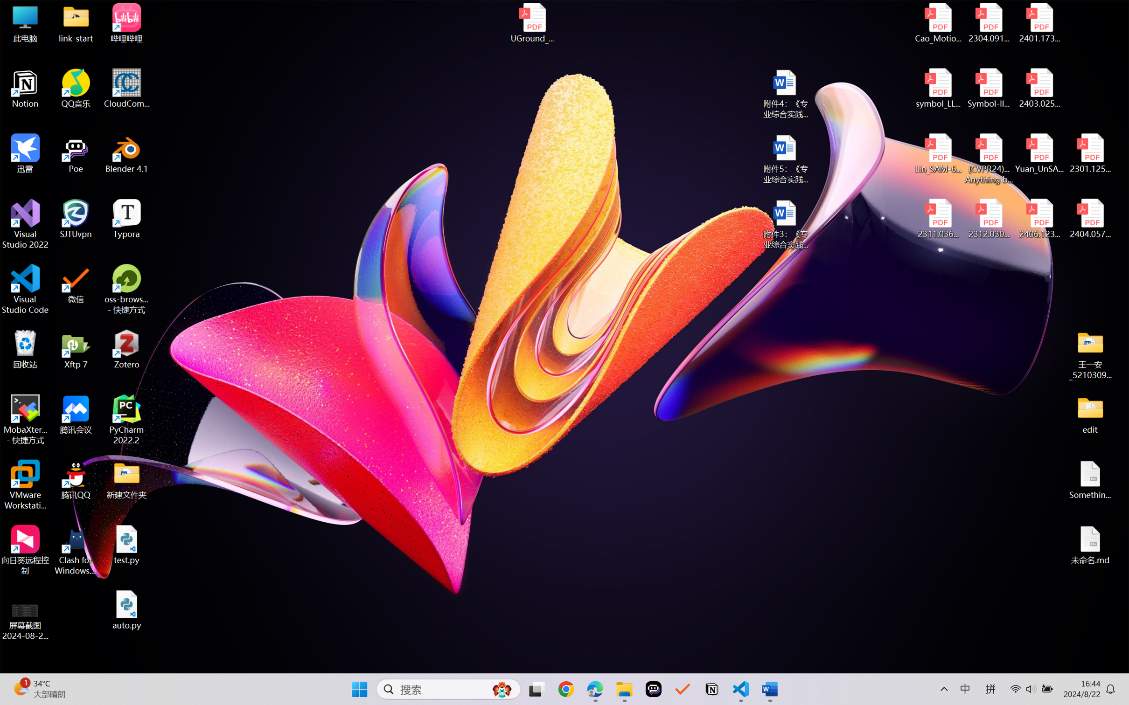 The image size is (1129, 705). I want to click on '(CVPR24)Matching Anything by Segmenting Anything.pdf', so click(988, 159).